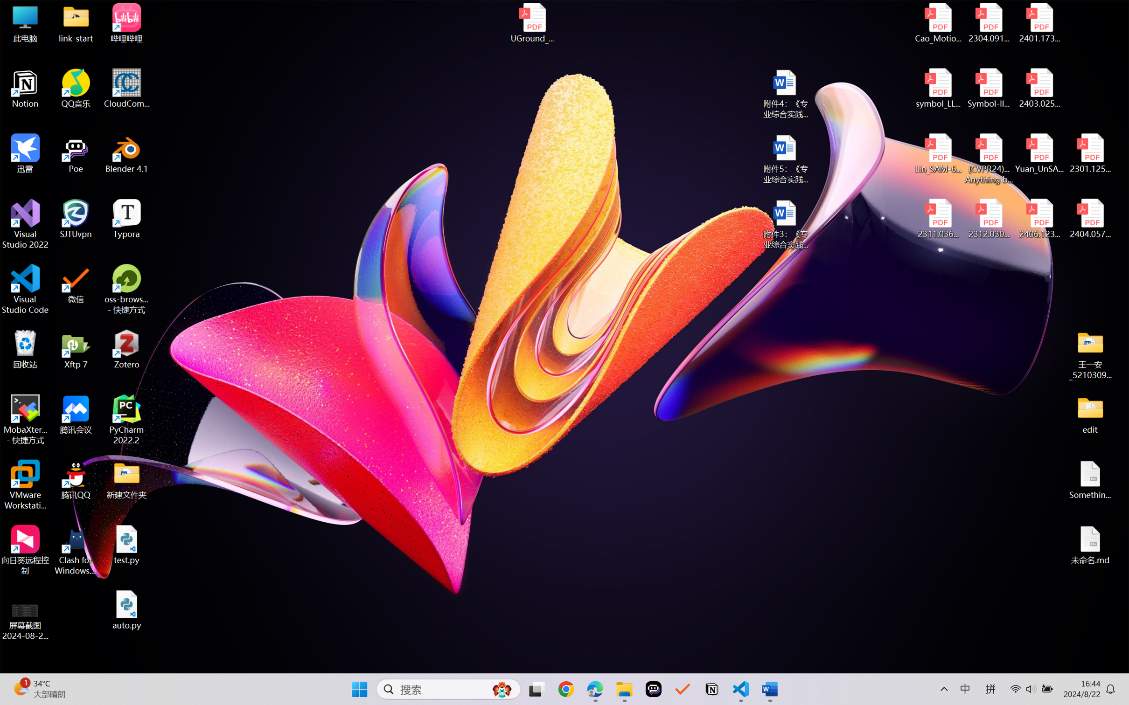 The image size is (1129, 705). I want to click on '(CVPR24)Matching Anything by Segmenting Anything.pdf', so click(988, 159).